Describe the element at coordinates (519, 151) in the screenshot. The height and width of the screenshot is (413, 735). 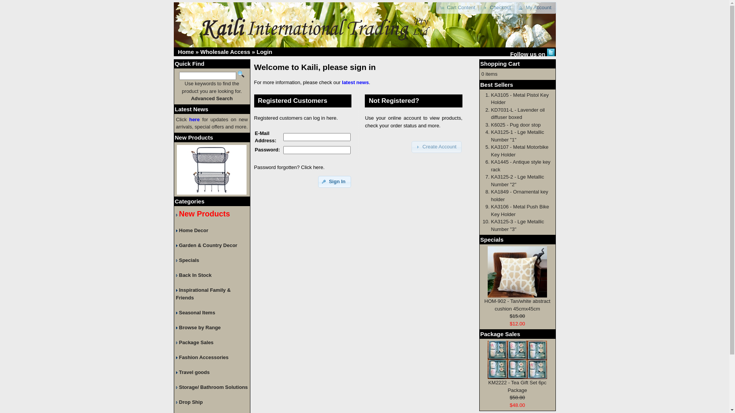
I see `'KA3107 - Metal Motorbike Key Holder'` at that location.